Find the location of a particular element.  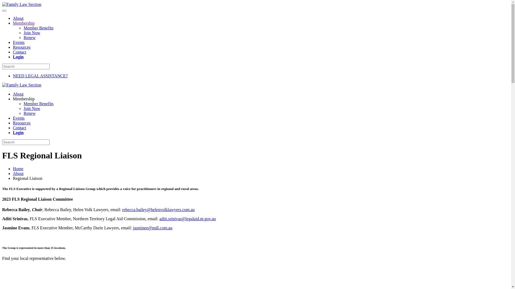

'Member Benefits' is located at coordinates (23, 104).